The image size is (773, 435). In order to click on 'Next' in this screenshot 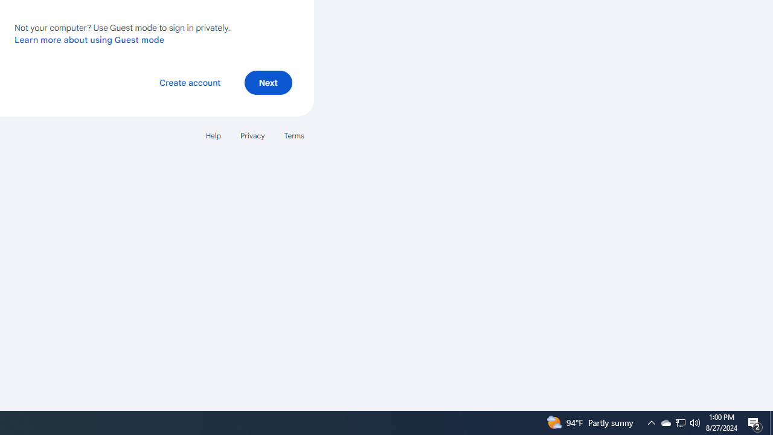, I will do `click(268, 82)`.